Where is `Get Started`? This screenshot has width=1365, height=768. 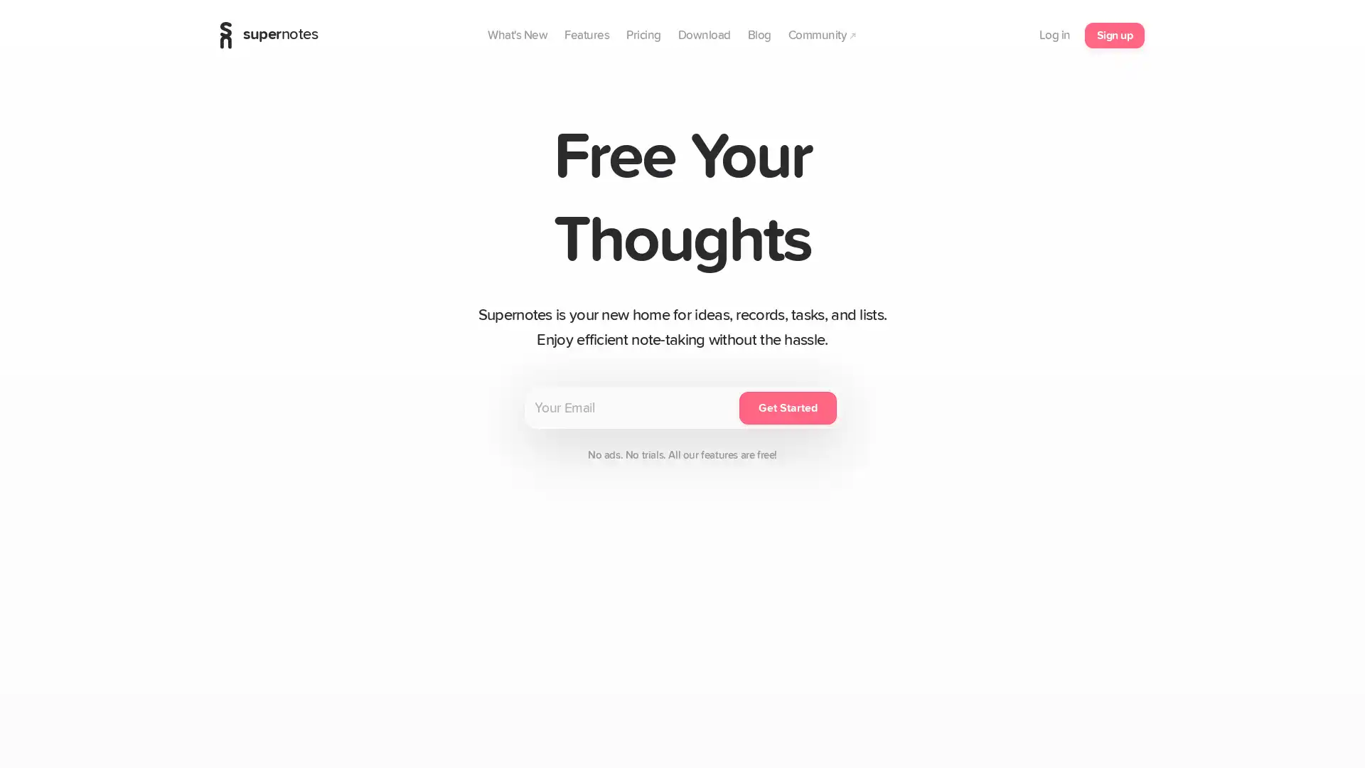 Get Started is located at coordinates (787, 407).